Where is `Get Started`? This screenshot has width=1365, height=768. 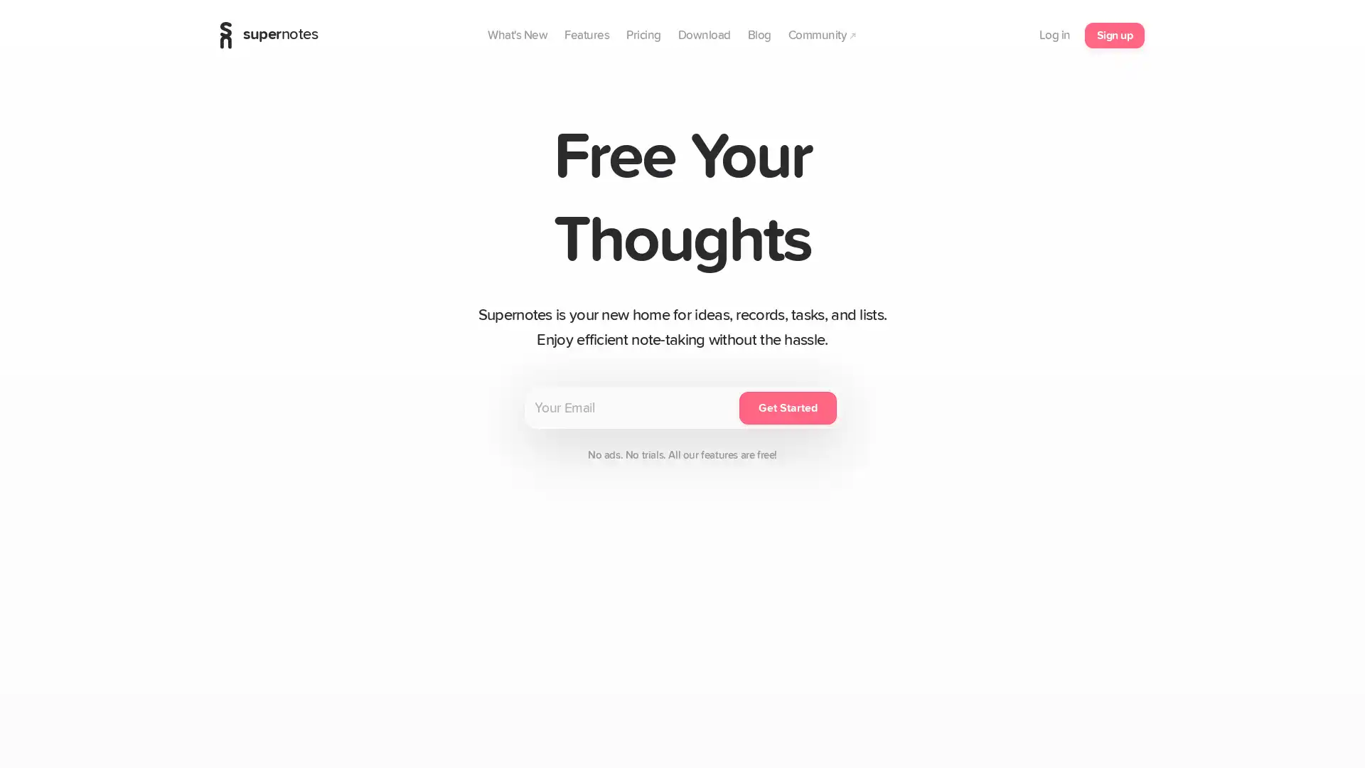 Get Started is located at coordinates (787, 407).